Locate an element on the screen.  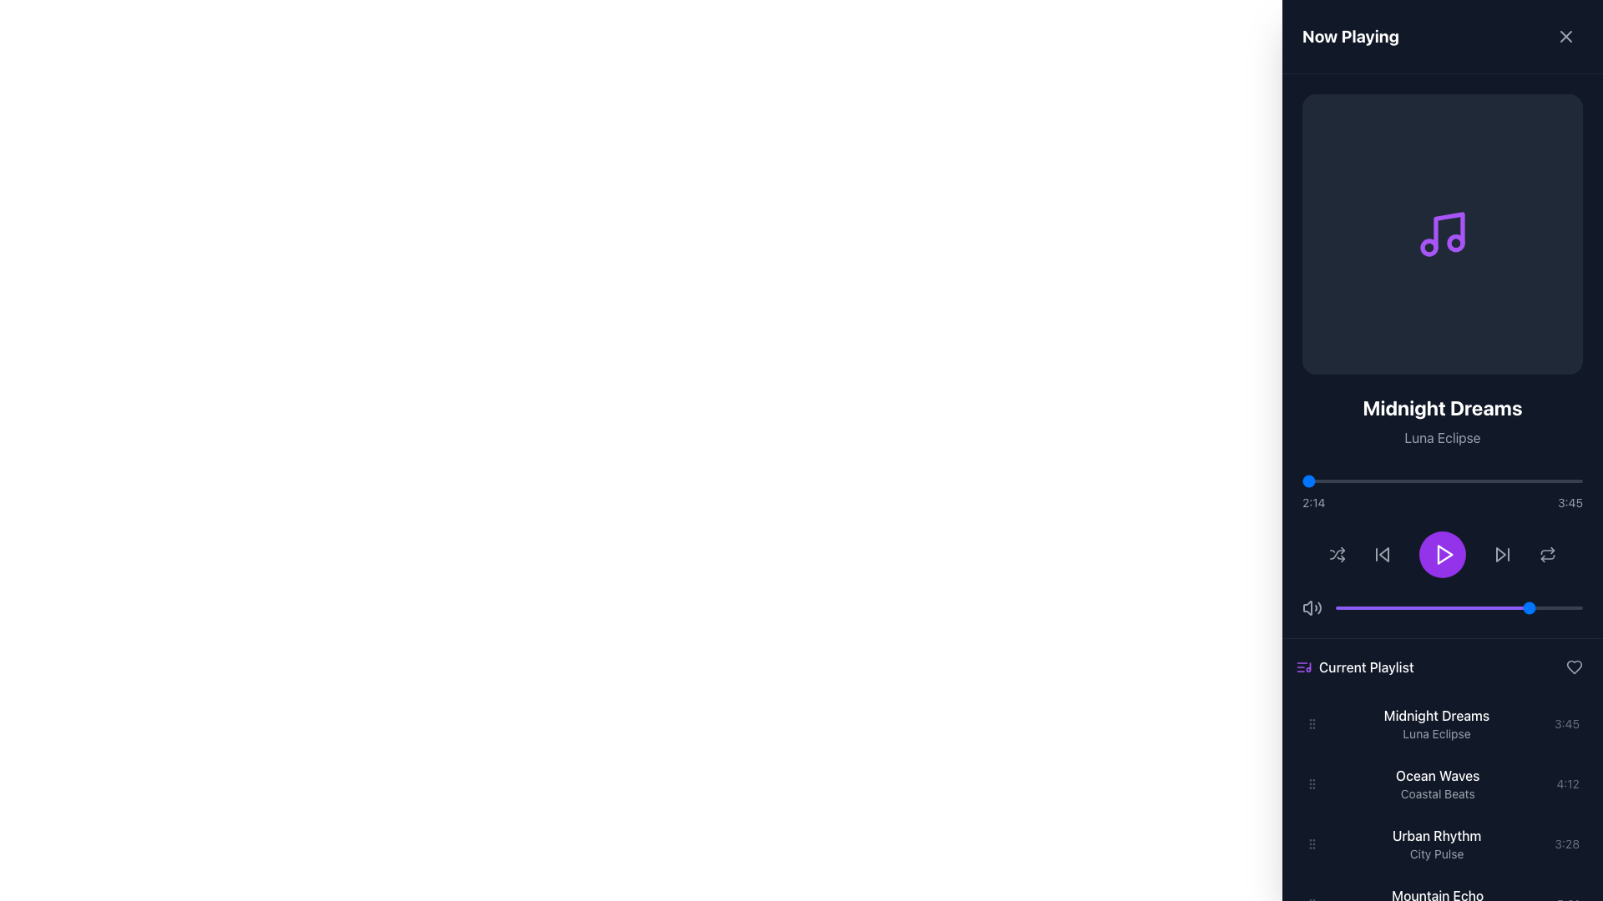
the playback progress is located at coordinates (1321, 481).